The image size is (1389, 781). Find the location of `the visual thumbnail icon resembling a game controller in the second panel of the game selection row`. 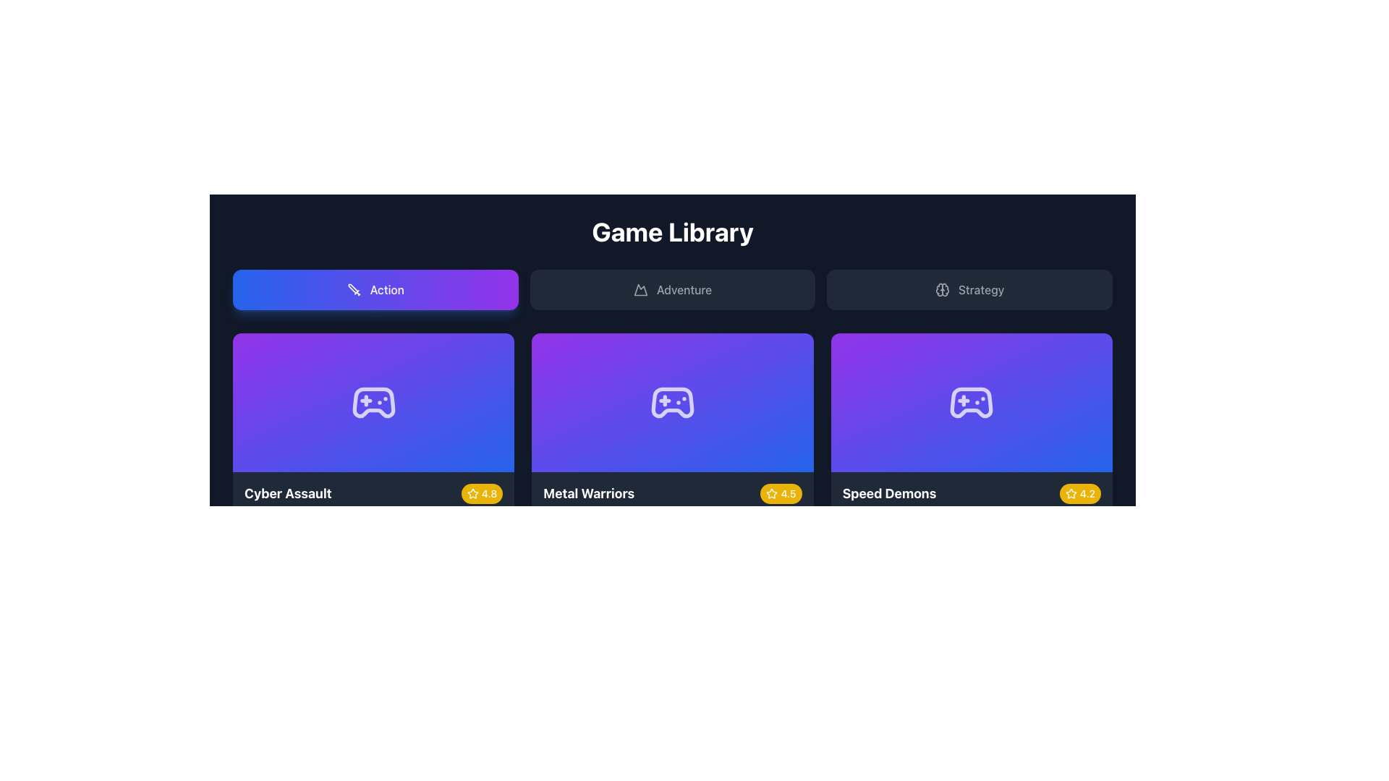

the visual thumbnail icon resembling a game controller in the second panel of the game selection row is located at coordinates (672, 402).